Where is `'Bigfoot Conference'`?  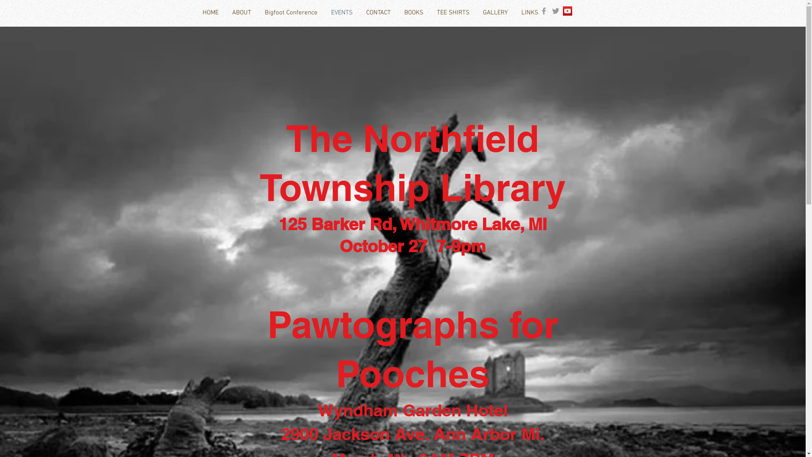 'Bigfoot Conference' is located at coordinates (257, 13).